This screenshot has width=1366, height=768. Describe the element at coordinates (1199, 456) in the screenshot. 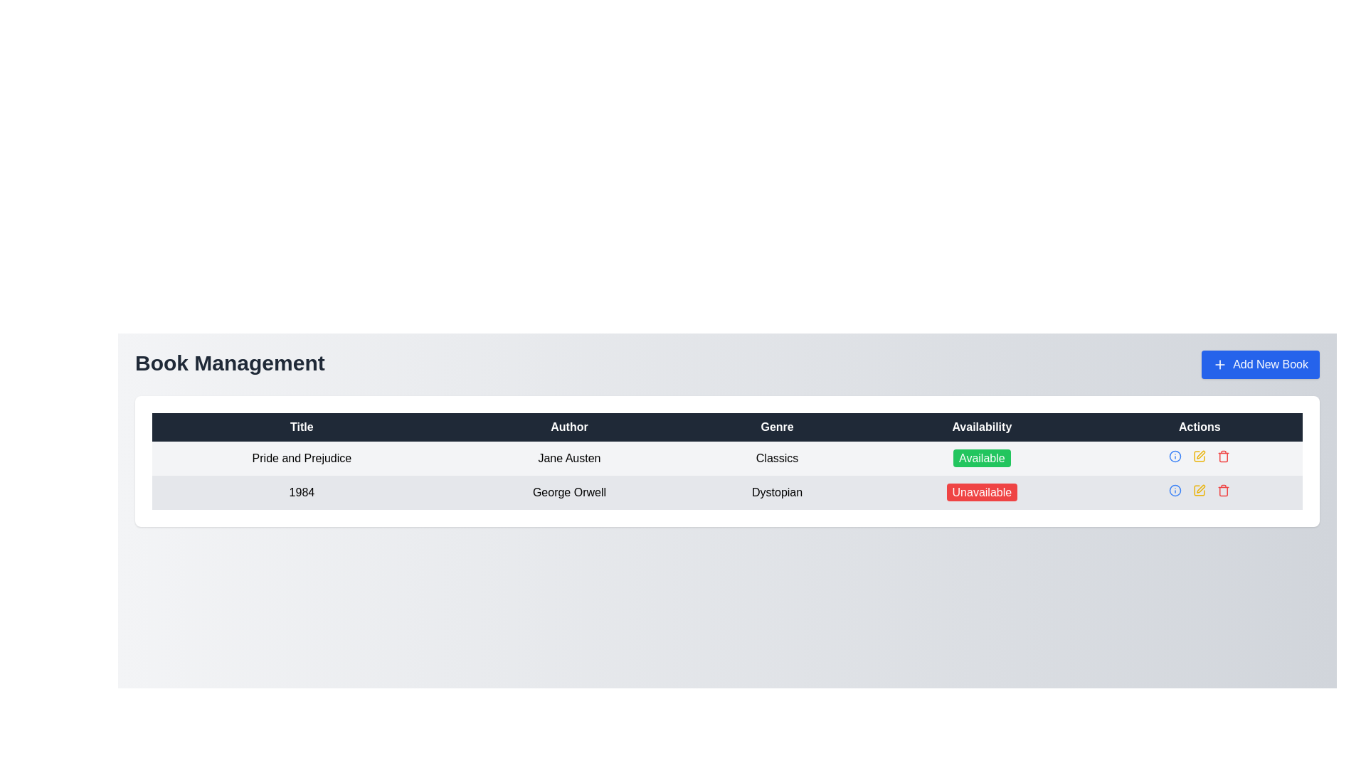

I see `the edit icon for the '1984' book entry located` at that location.